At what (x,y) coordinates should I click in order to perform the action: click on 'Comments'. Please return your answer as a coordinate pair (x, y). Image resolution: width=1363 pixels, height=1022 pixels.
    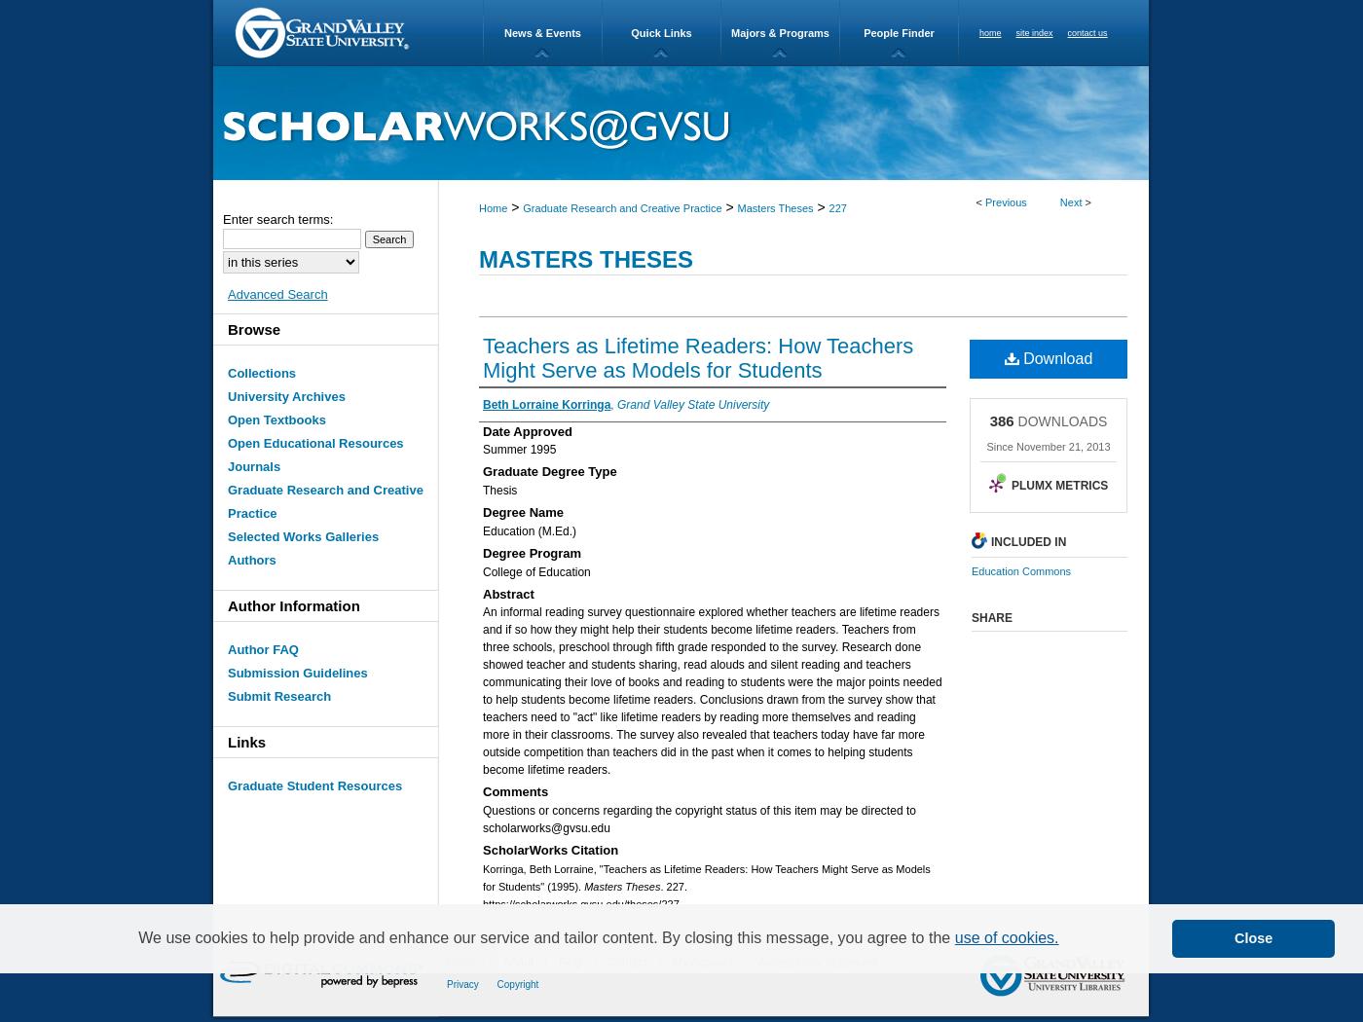
    Looking at the image, I should click on (515, 790).